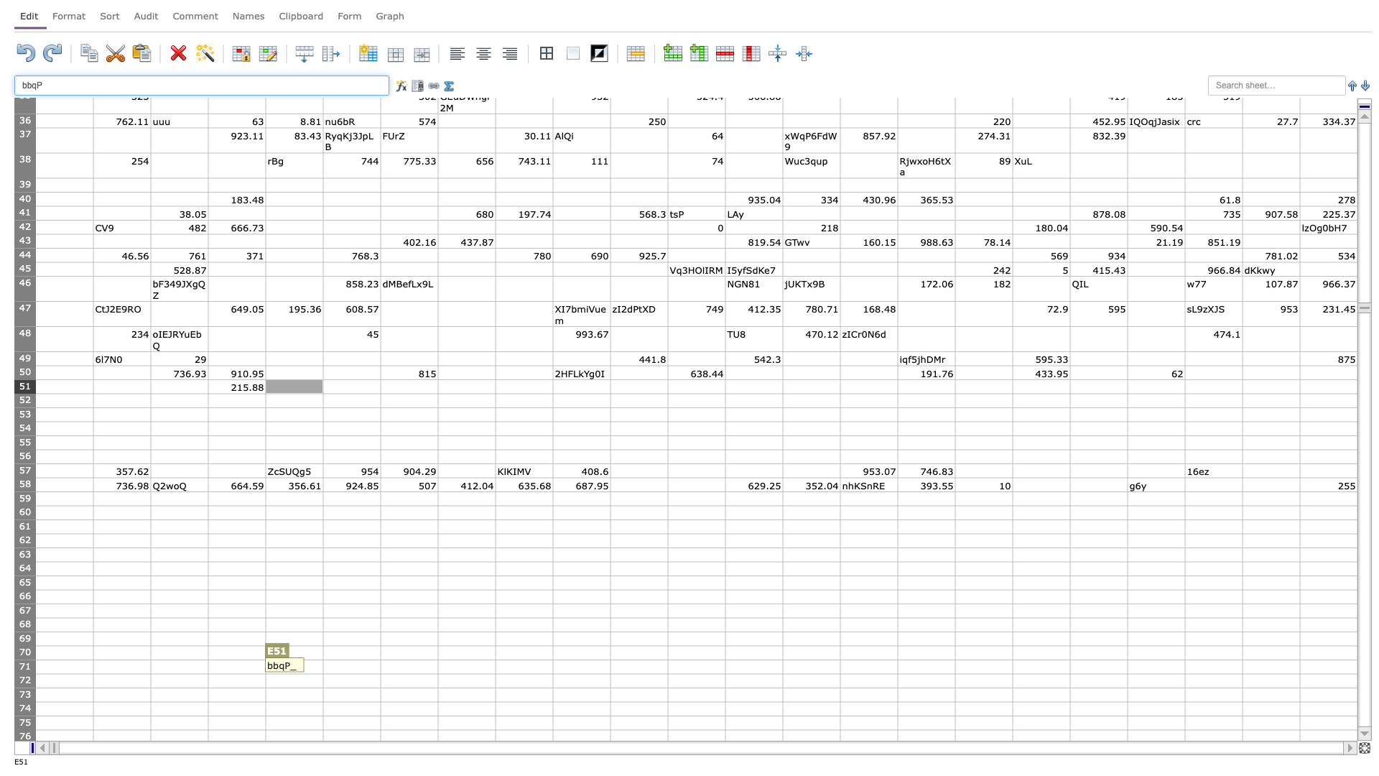 This screenshot has width=1379, height=776. Describe the element at coordinates (380, 673) in the screenshot. I see `Lower right of F71` at that location.